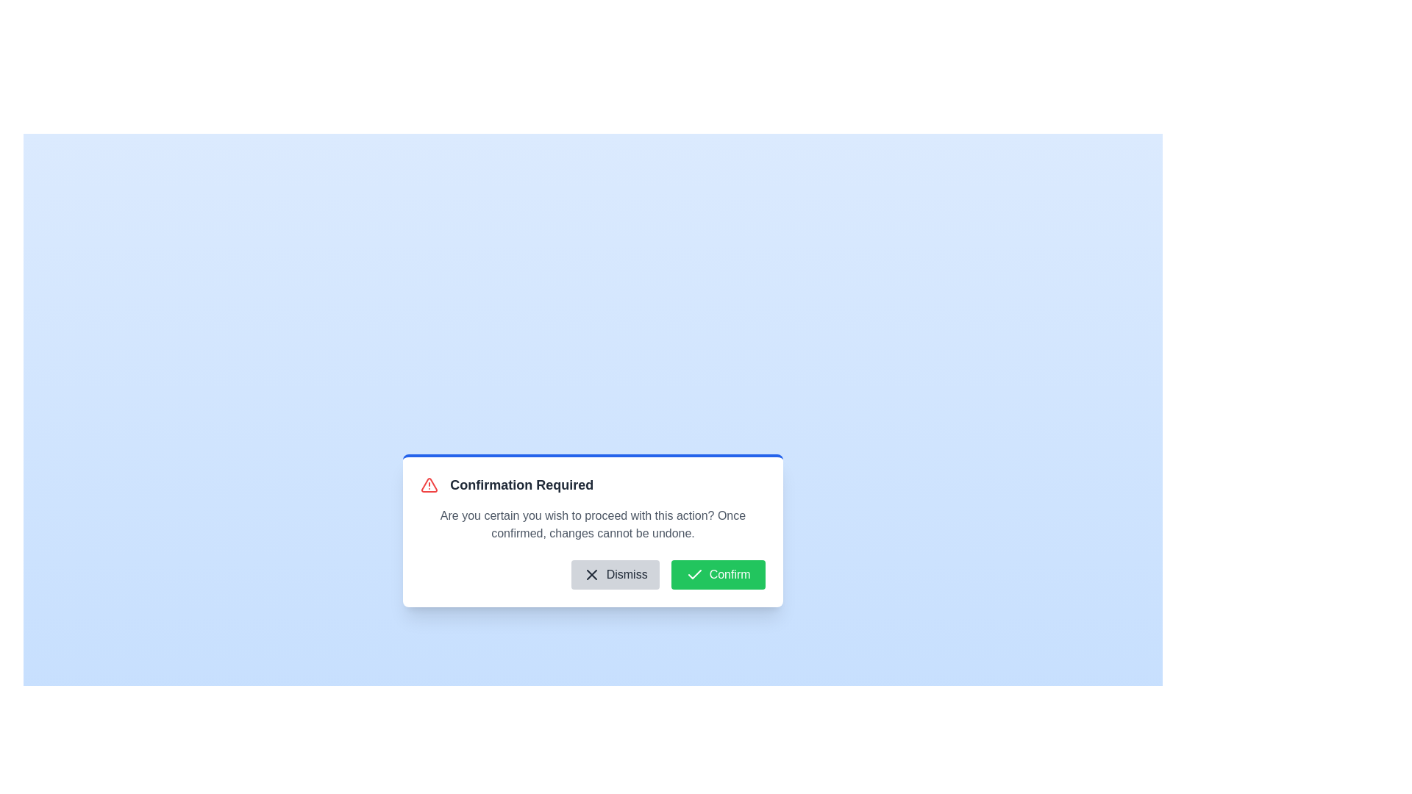 The height and width of the screenshot is (794, 1412). What do you see at coordinates (615, 574) in the screenshot?
I see `the left button` at bounding box center [615, 574].